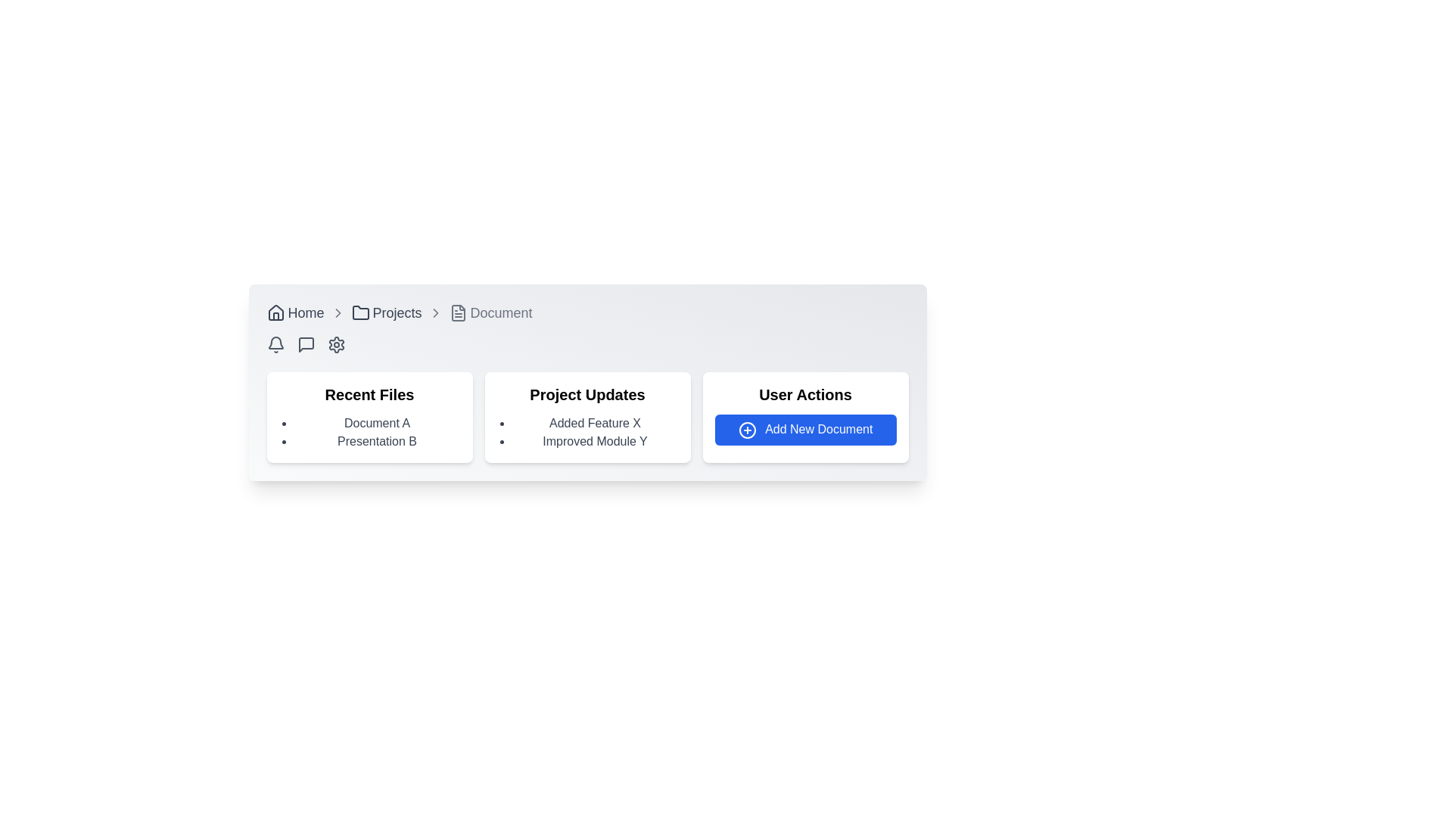  Describe the element at coordinates (804, 430) in the screenshot. I see `the button located at the bottom-right of the 'User Actions' panel to initiate adding a new document` at that location.